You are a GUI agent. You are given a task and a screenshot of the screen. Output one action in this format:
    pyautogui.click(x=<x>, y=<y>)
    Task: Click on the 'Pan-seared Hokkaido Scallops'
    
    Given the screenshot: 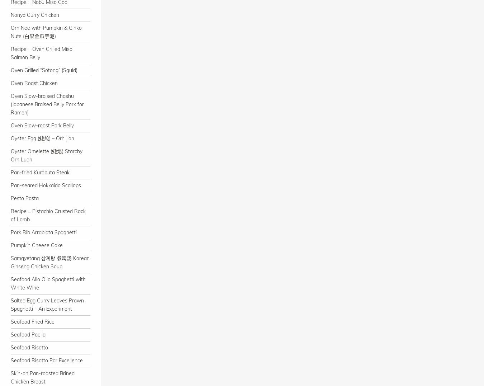 What is the action you would take?
    pyautogui.click(x=10, y=185)
    